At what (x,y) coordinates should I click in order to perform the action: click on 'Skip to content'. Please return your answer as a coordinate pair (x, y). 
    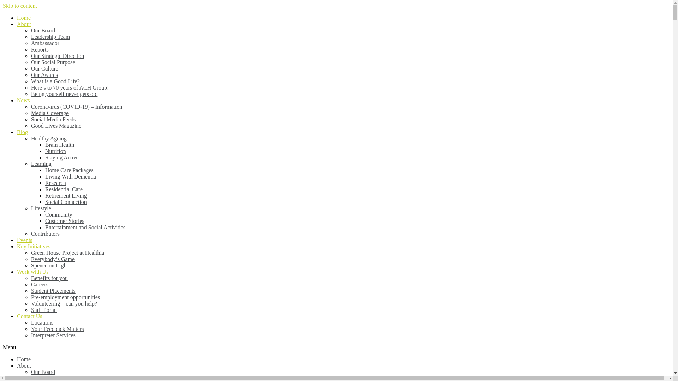
    Looking at the image, I should click on (20, 6).